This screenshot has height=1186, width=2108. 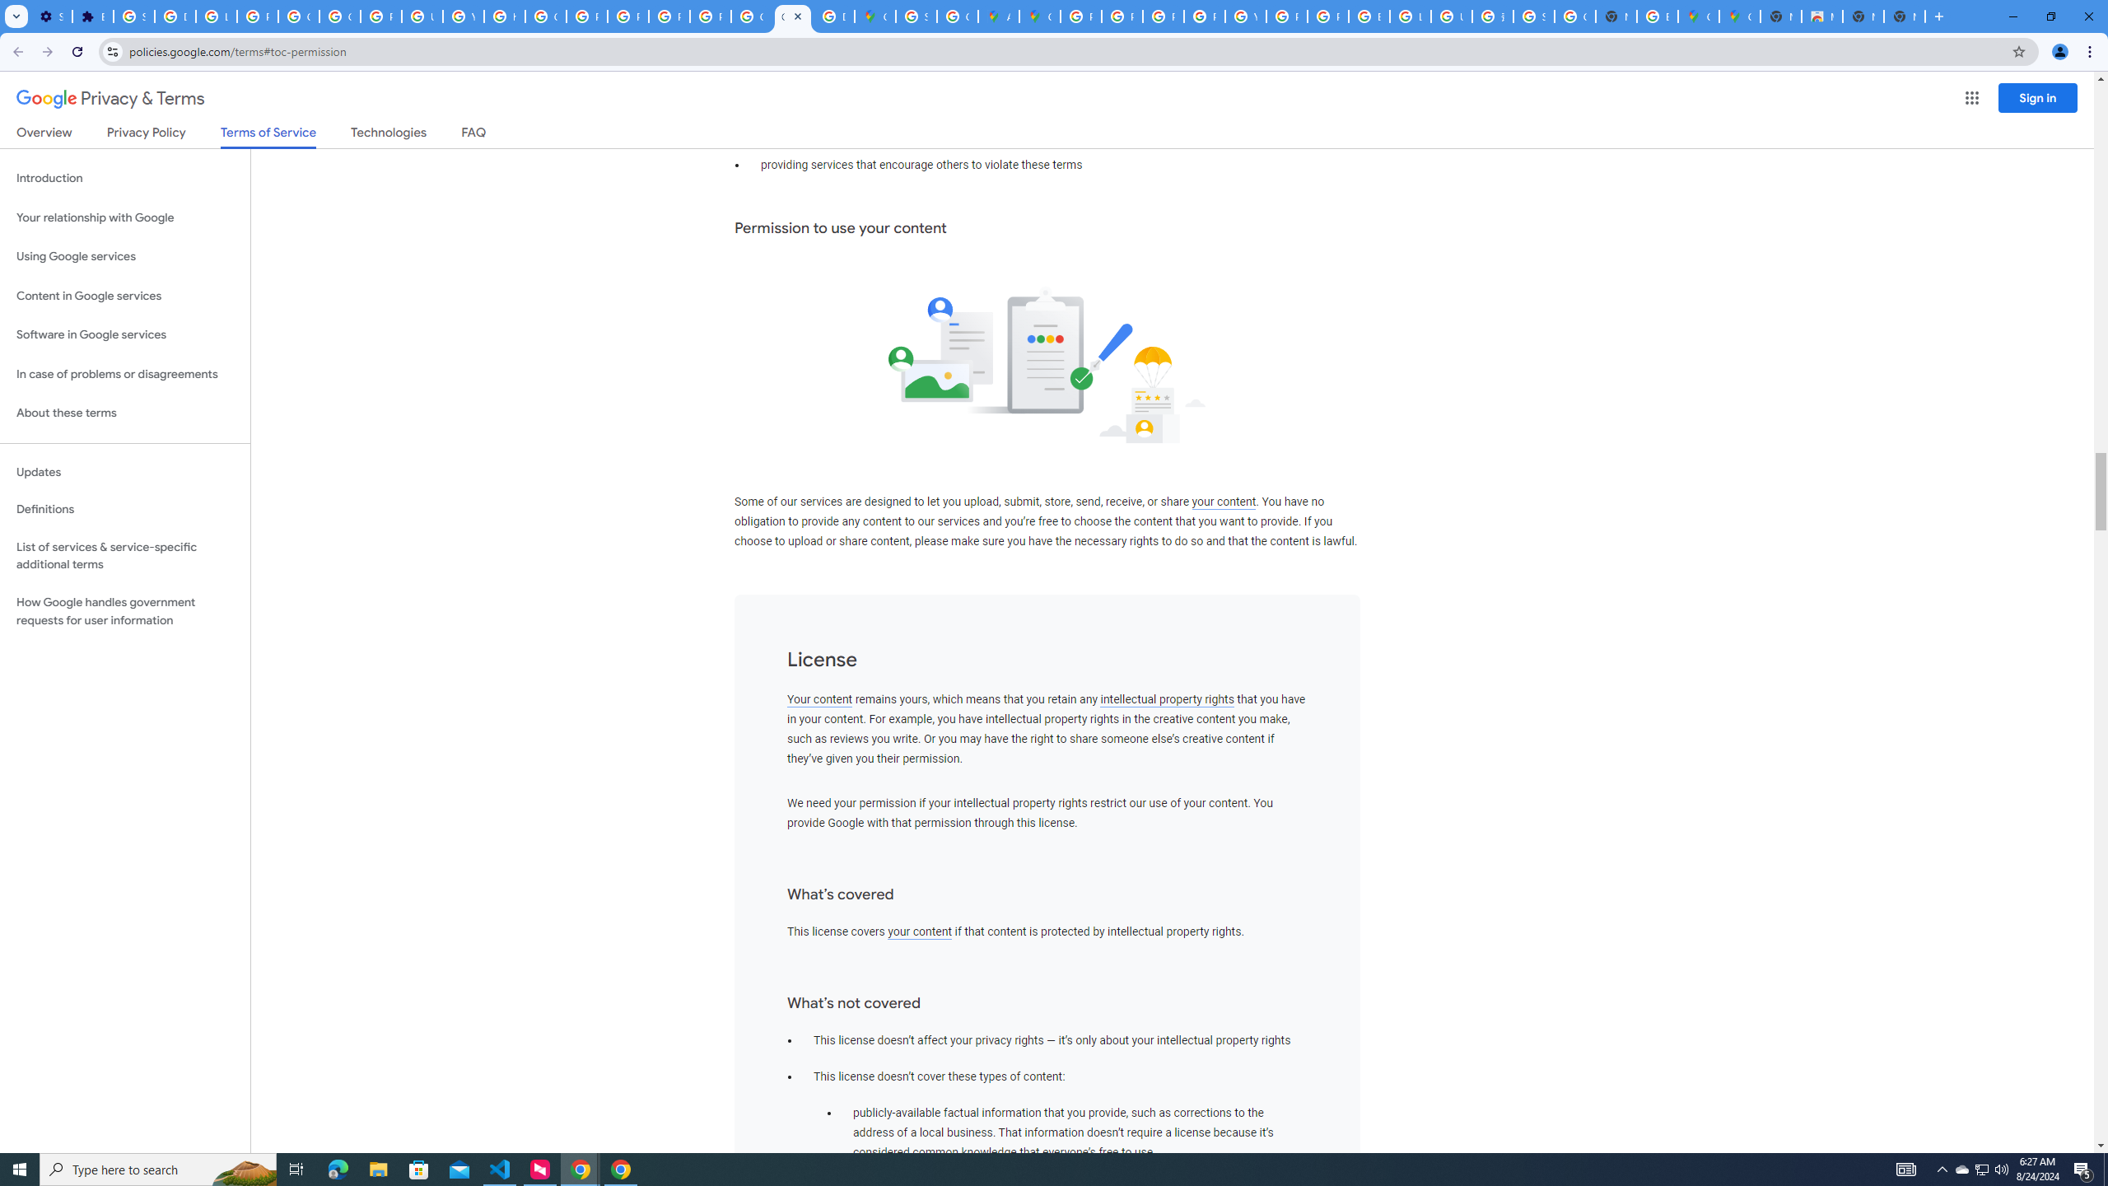 I want to click on 'your content', so click(x=919, y=931).